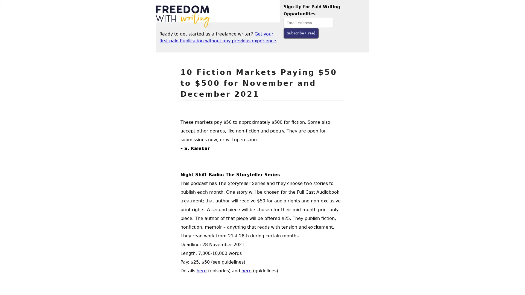 The width and height of the screenshot is (525, 295). I want to click on Subscribe (Free), so click(300, 33).